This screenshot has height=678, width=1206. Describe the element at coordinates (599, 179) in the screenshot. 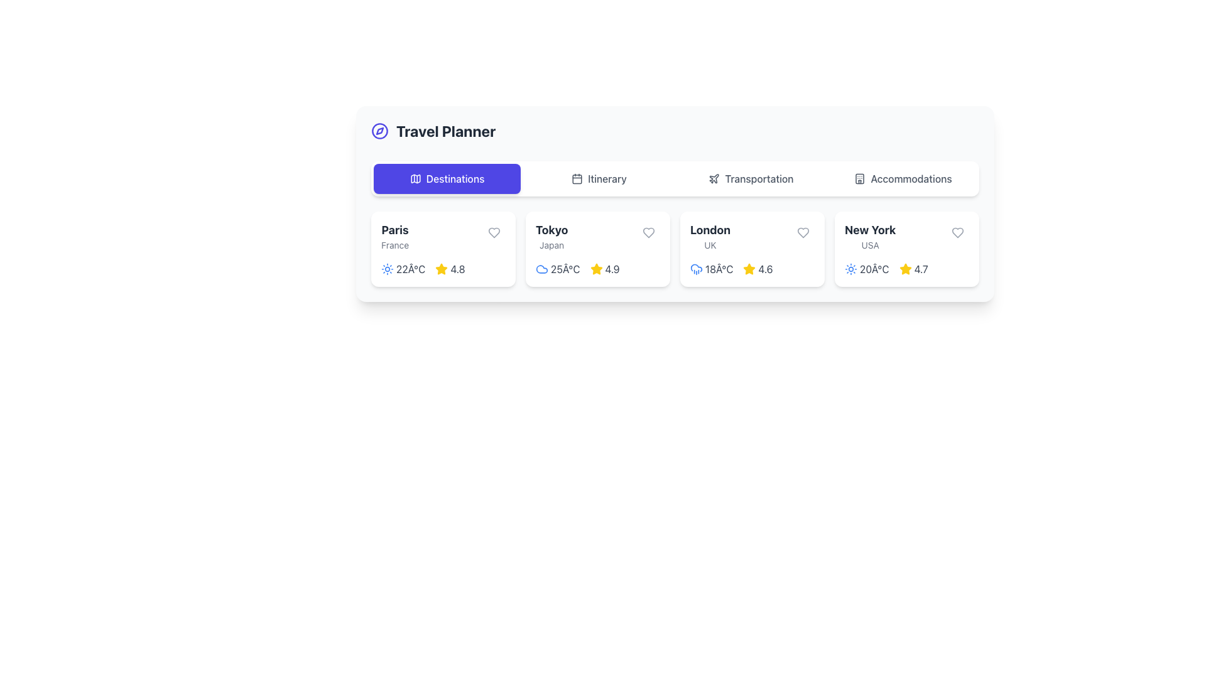

I see `the 'Itinerary' button, which is the second button in the row of four buttons under the 'Travel Planner' title` at that location.